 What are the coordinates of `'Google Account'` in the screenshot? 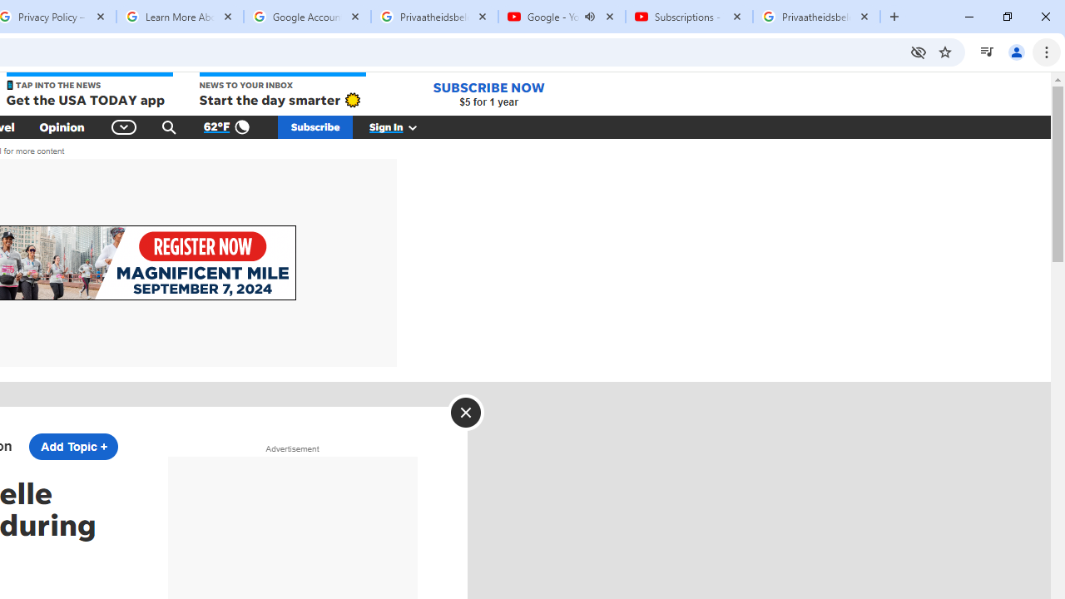 It's located at (307, 17).